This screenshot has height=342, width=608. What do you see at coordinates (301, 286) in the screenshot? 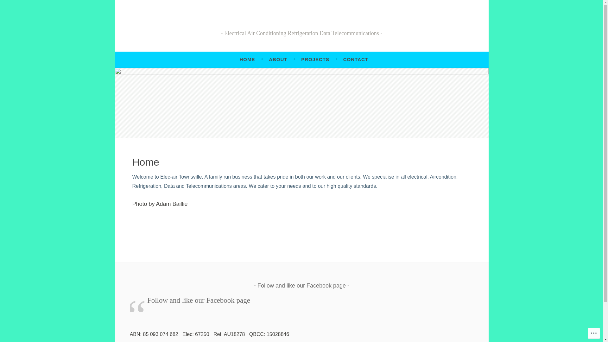
I see `'Follow and like our Facebook page'` at bounding box center [301, 286].